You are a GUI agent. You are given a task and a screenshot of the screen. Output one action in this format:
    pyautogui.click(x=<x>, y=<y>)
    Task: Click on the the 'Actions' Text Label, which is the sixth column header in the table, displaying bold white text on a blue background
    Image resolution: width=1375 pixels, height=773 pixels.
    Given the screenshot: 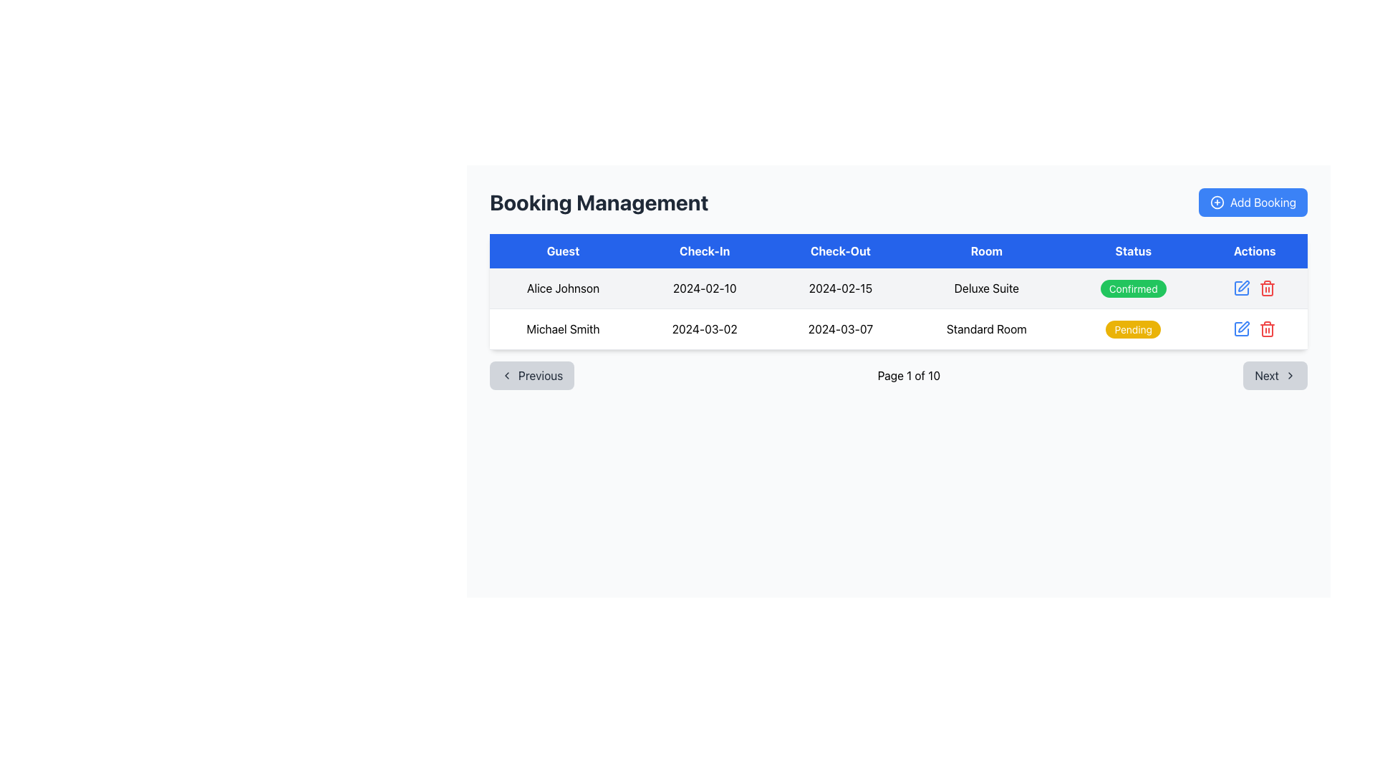 What is the action you would take?
    pyautogui.click(x=1254, y=251)
    